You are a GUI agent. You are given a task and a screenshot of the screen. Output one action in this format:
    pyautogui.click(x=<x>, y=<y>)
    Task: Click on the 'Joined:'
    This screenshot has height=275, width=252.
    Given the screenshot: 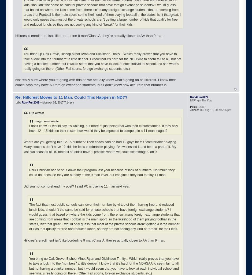 What is the action you would take?
    pyautogui.click(x=194, y=110)
    